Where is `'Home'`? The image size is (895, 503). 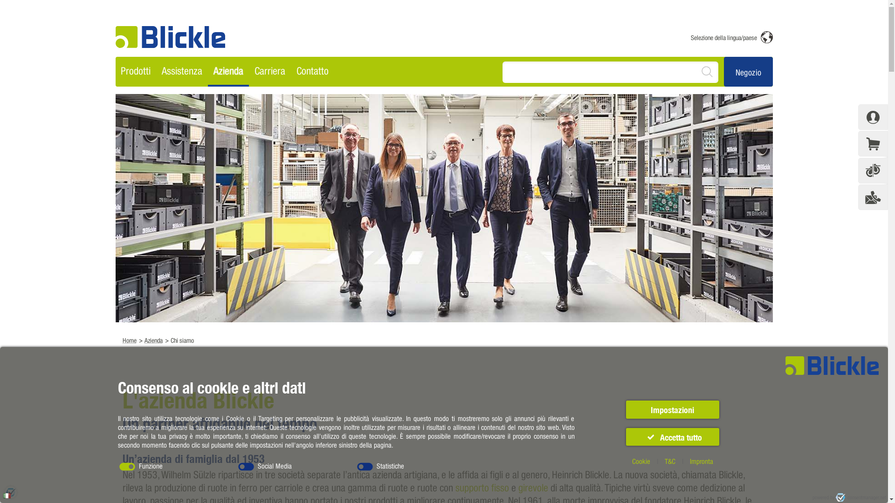 'Home' is located at coordinates (129, 340).